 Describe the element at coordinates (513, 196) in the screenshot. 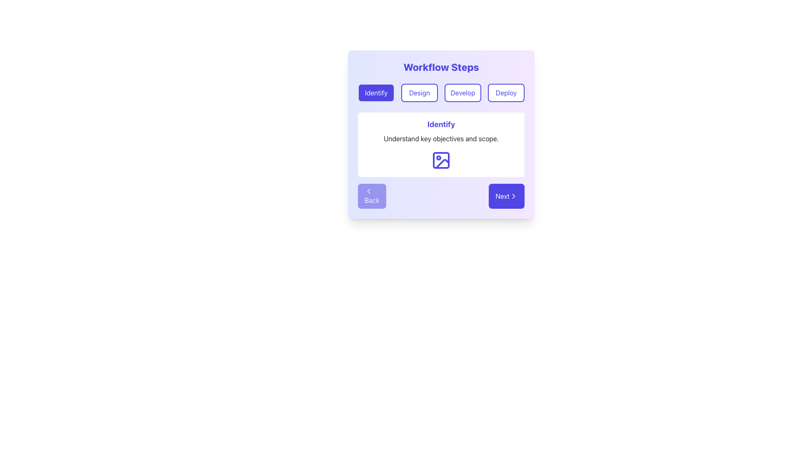

I see `the 'Next' button located at the bottom-right corner of the interface, which contains a right-pointing chevron arrow icon` at that location.